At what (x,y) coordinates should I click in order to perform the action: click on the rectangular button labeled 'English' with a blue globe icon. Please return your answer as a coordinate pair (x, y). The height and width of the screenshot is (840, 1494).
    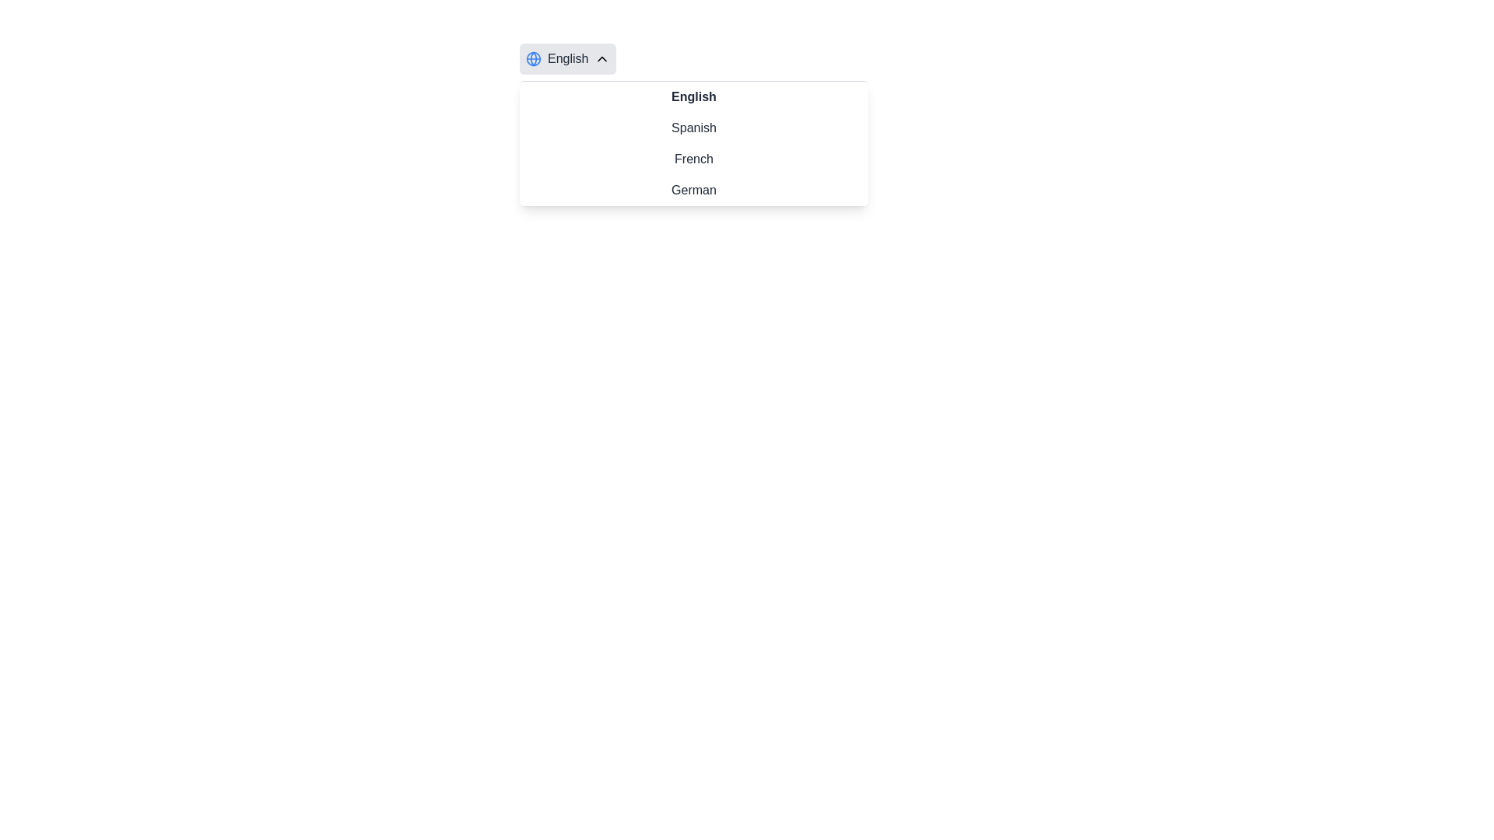
    Looking at the image, I should click on (567, 58).